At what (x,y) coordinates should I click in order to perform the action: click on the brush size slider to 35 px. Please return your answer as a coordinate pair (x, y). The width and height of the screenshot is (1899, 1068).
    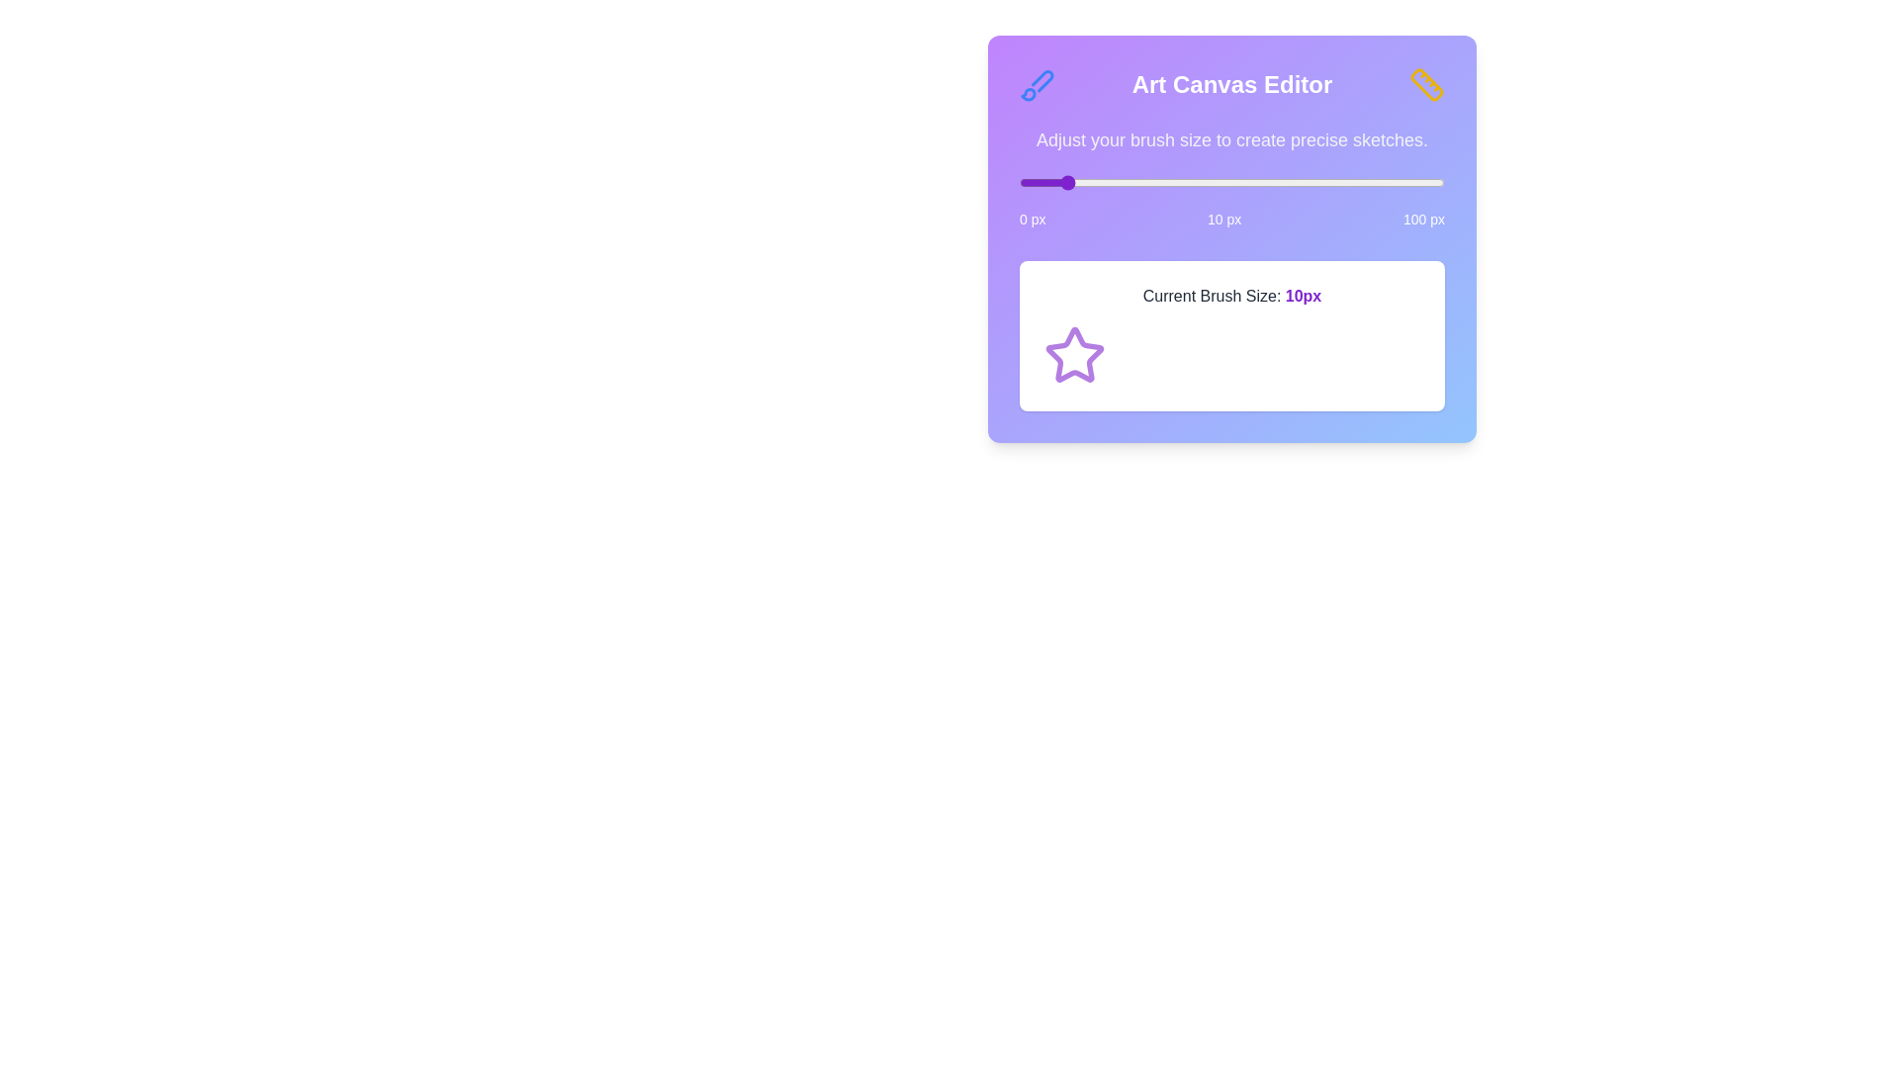
    Looking at the image, I should click on (1168, 183).